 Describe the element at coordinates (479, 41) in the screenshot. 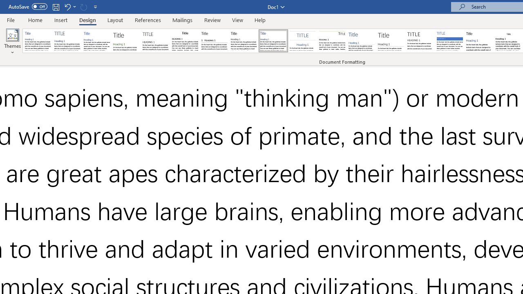

I see `'Word'` at that location.